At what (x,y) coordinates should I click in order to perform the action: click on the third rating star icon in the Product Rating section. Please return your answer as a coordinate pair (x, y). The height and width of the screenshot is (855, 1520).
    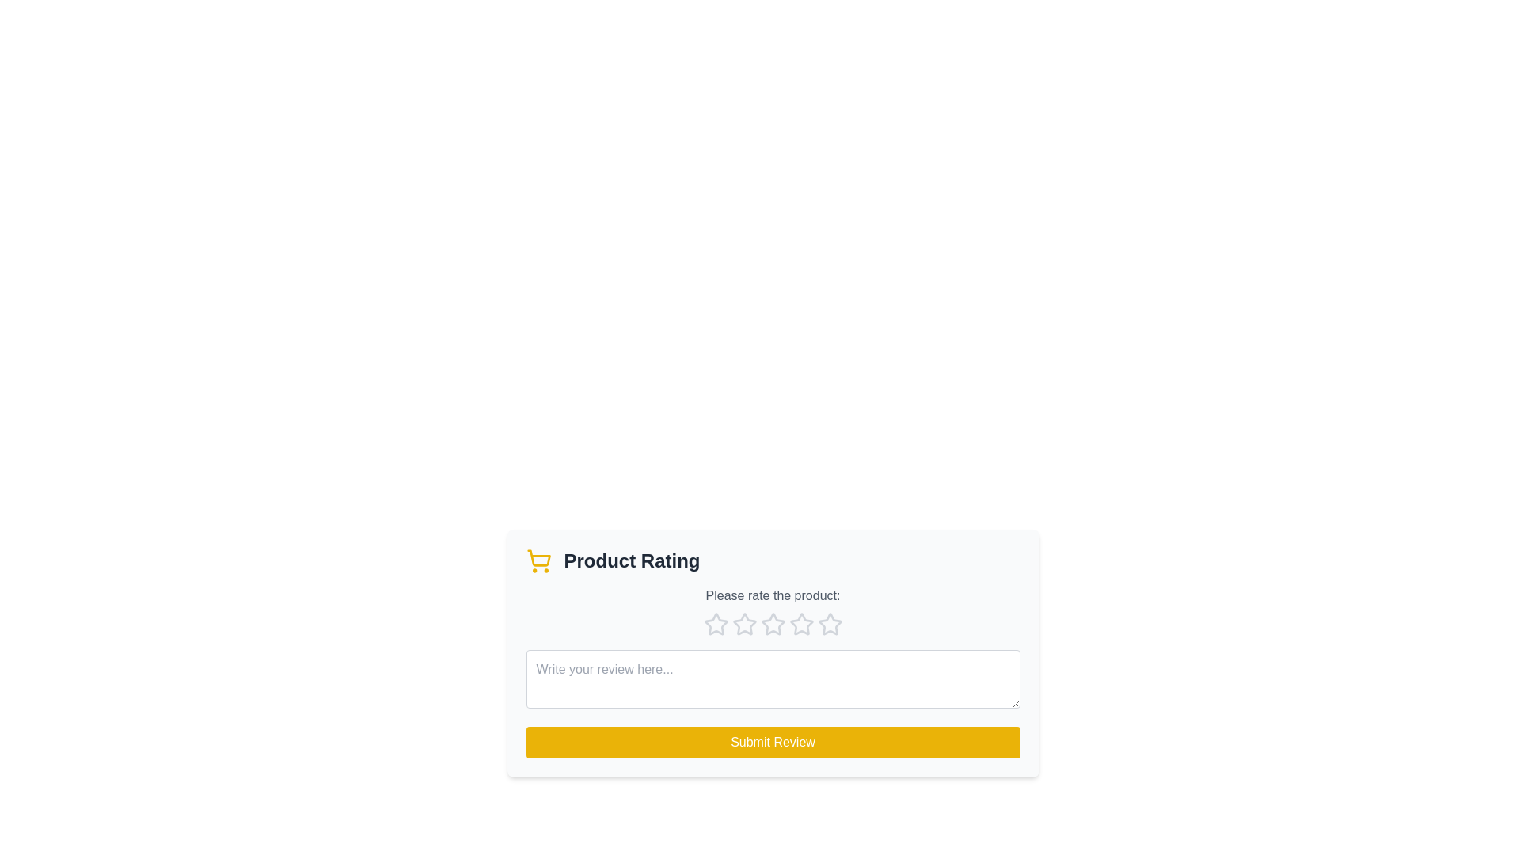
    Looking at the image, I should click on (773, 624).